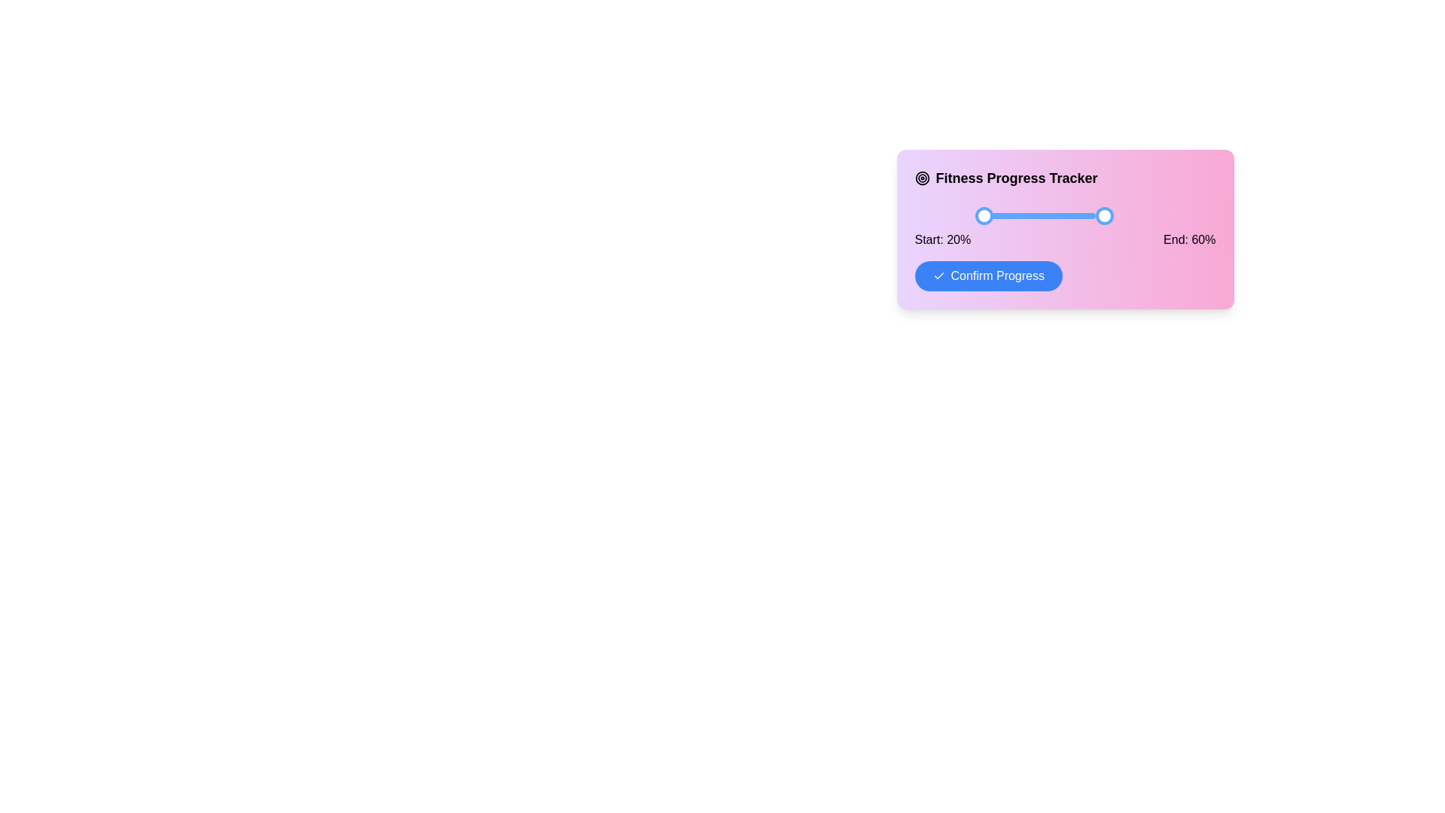  Describe the element at coordinates (1064, 239) in the screenshot. I see `percentages displayed in the text label showing 'Start: 20% End: 60%' located just below the slider and above the 'Confirm Progress' button in the 'Fitness Progress Tracker' card` at that location.